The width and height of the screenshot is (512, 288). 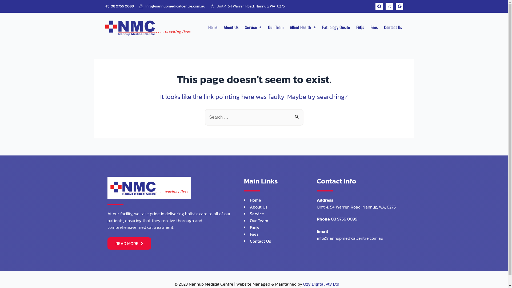 I want to click on 'Contact Us', so click(x=280, y=241).